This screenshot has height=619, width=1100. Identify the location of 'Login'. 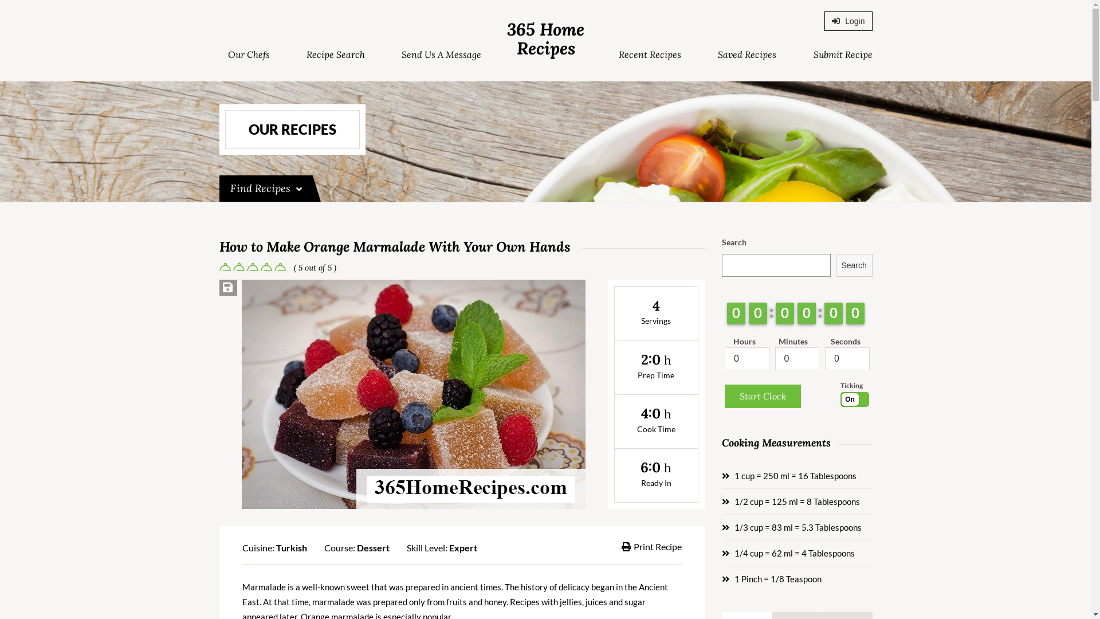
(824, 21).